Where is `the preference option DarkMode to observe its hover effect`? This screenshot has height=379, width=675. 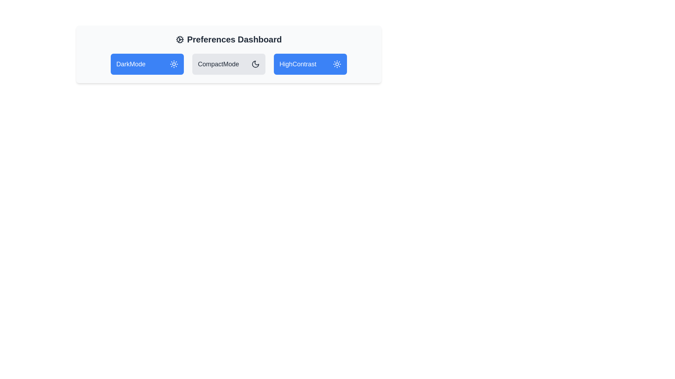
the preference option DarkMode to observe its hover effect is located at coordinates (147, 64).